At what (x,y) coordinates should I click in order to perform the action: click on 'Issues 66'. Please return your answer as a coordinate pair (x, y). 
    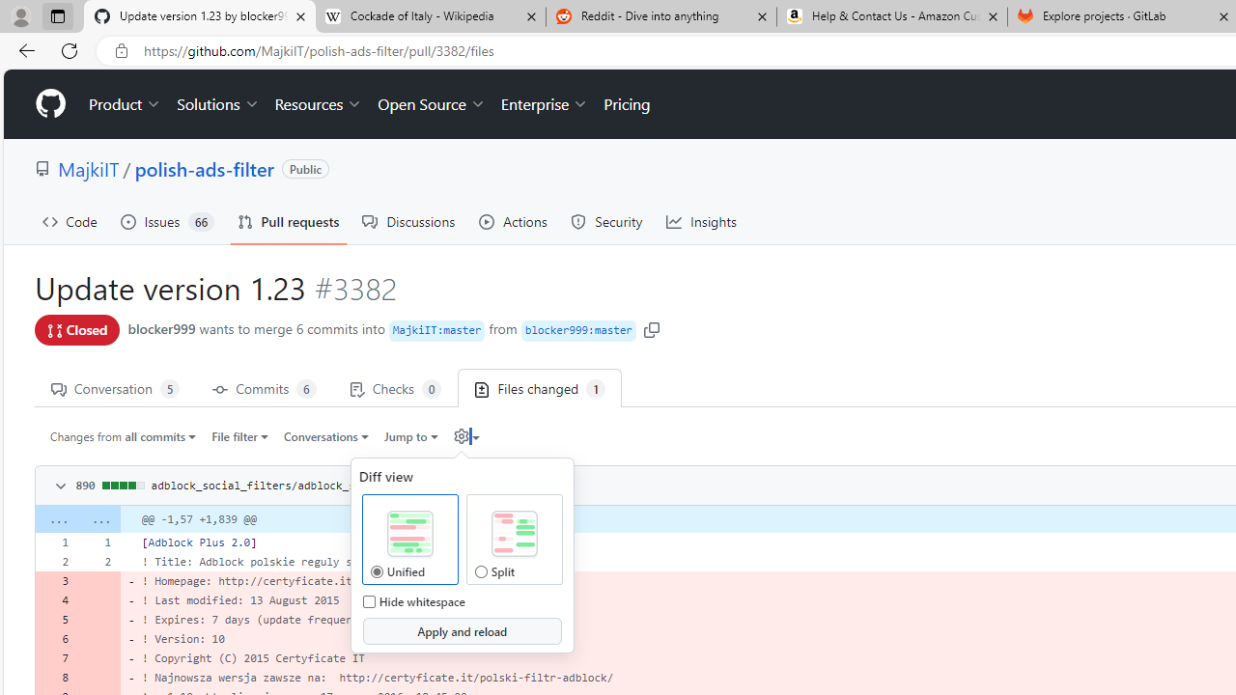
    Looking at the image, I should click on (167, 221).